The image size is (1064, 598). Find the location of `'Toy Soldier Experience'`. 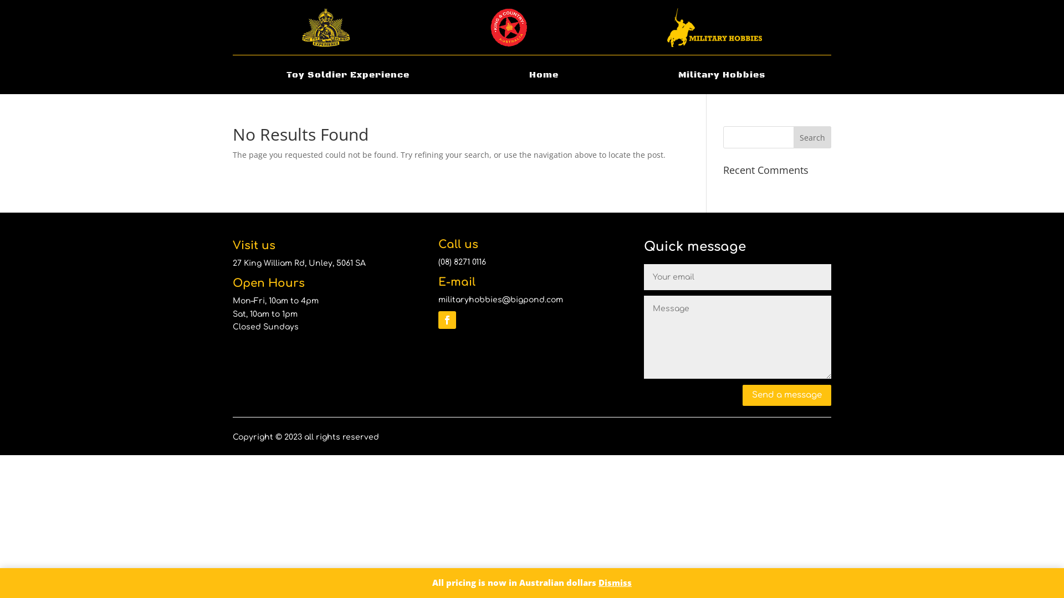

'Toy Soldier Experience' is located at coordinates (347, 76).